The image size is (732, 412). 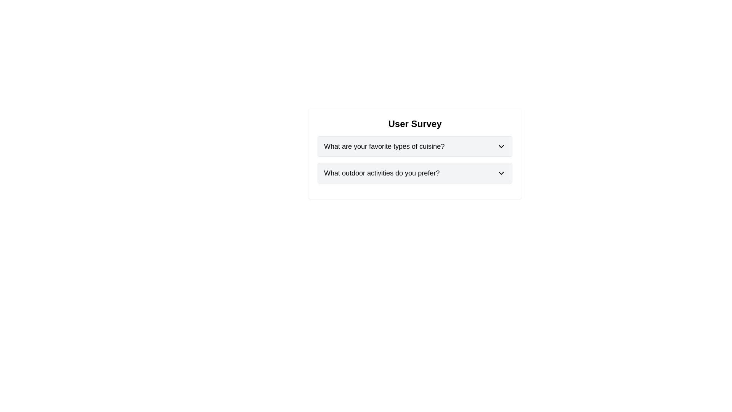 I want to click on the dropdown selector header element displaying 'What outdoor activities do you prefer?', so click(x=414, y=173).